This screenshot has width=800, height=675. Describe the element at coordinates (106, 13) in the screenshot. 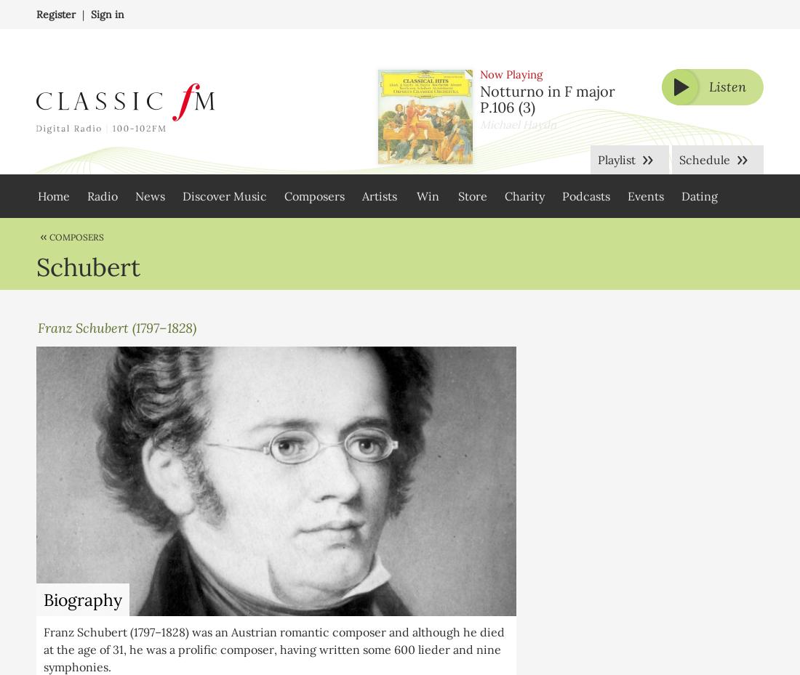

I see `'Sign in'` at that location.